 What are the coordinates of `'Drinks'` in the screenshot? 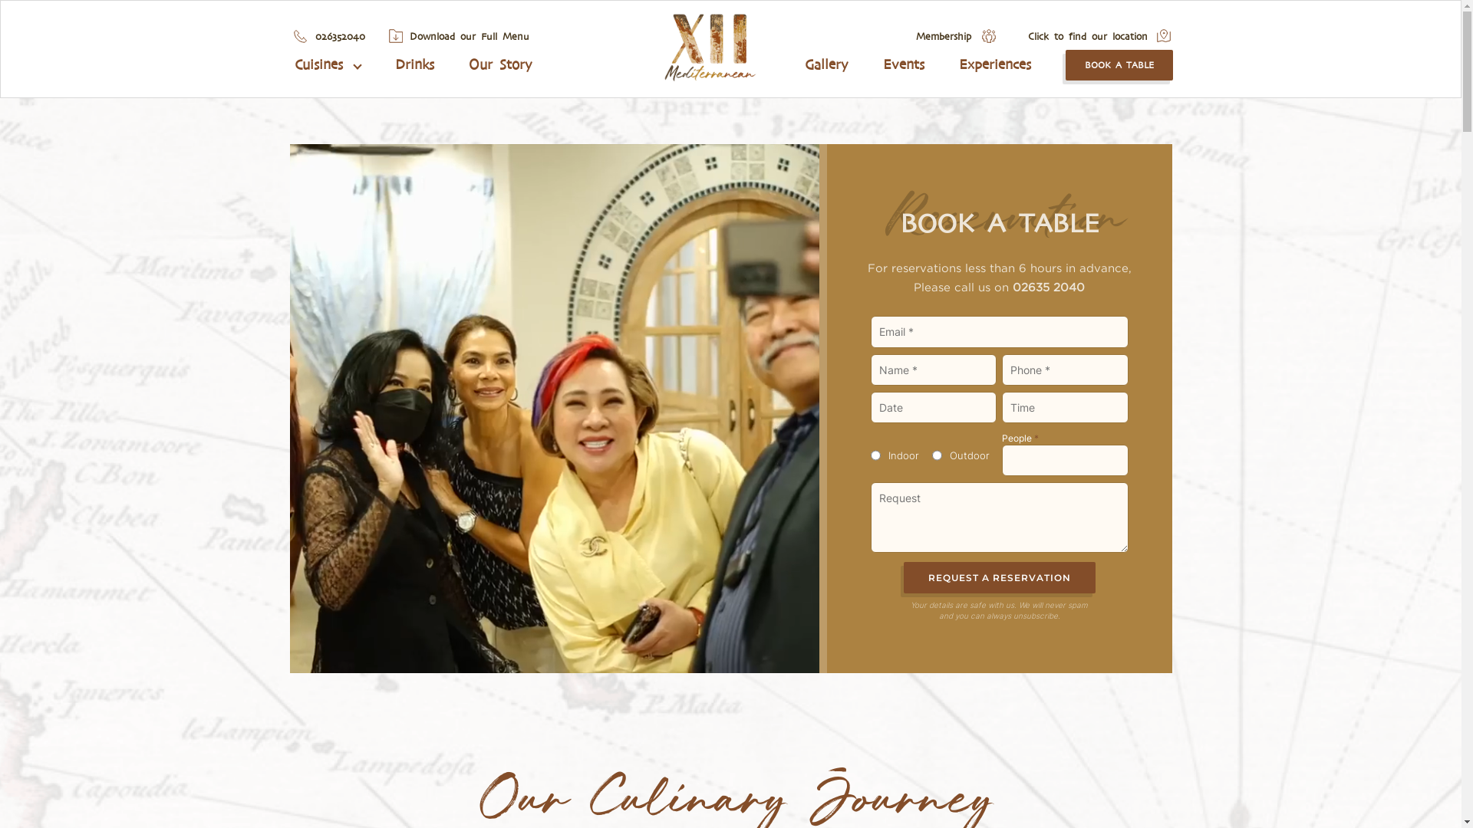 It's located at (414, 64).